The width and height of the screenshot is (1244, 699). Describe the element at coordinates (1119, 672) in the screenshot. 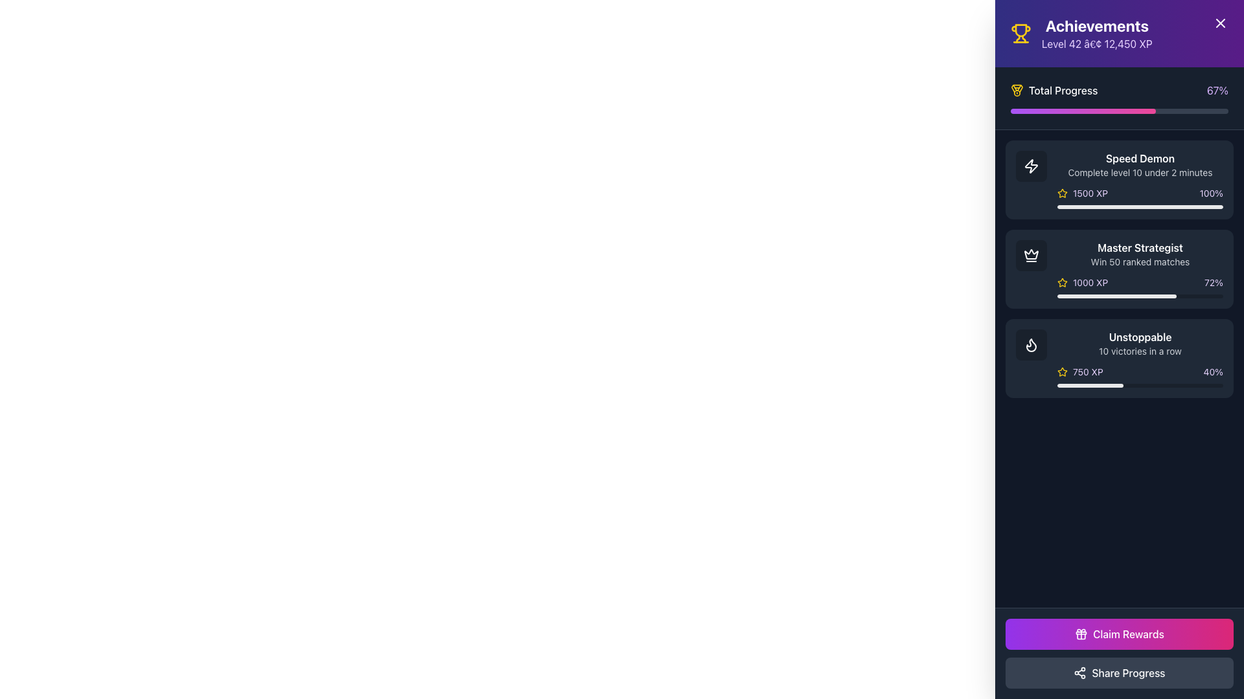

I see `the rectangular gray button with rounded corners labeled 'Share Progress'` at that location.